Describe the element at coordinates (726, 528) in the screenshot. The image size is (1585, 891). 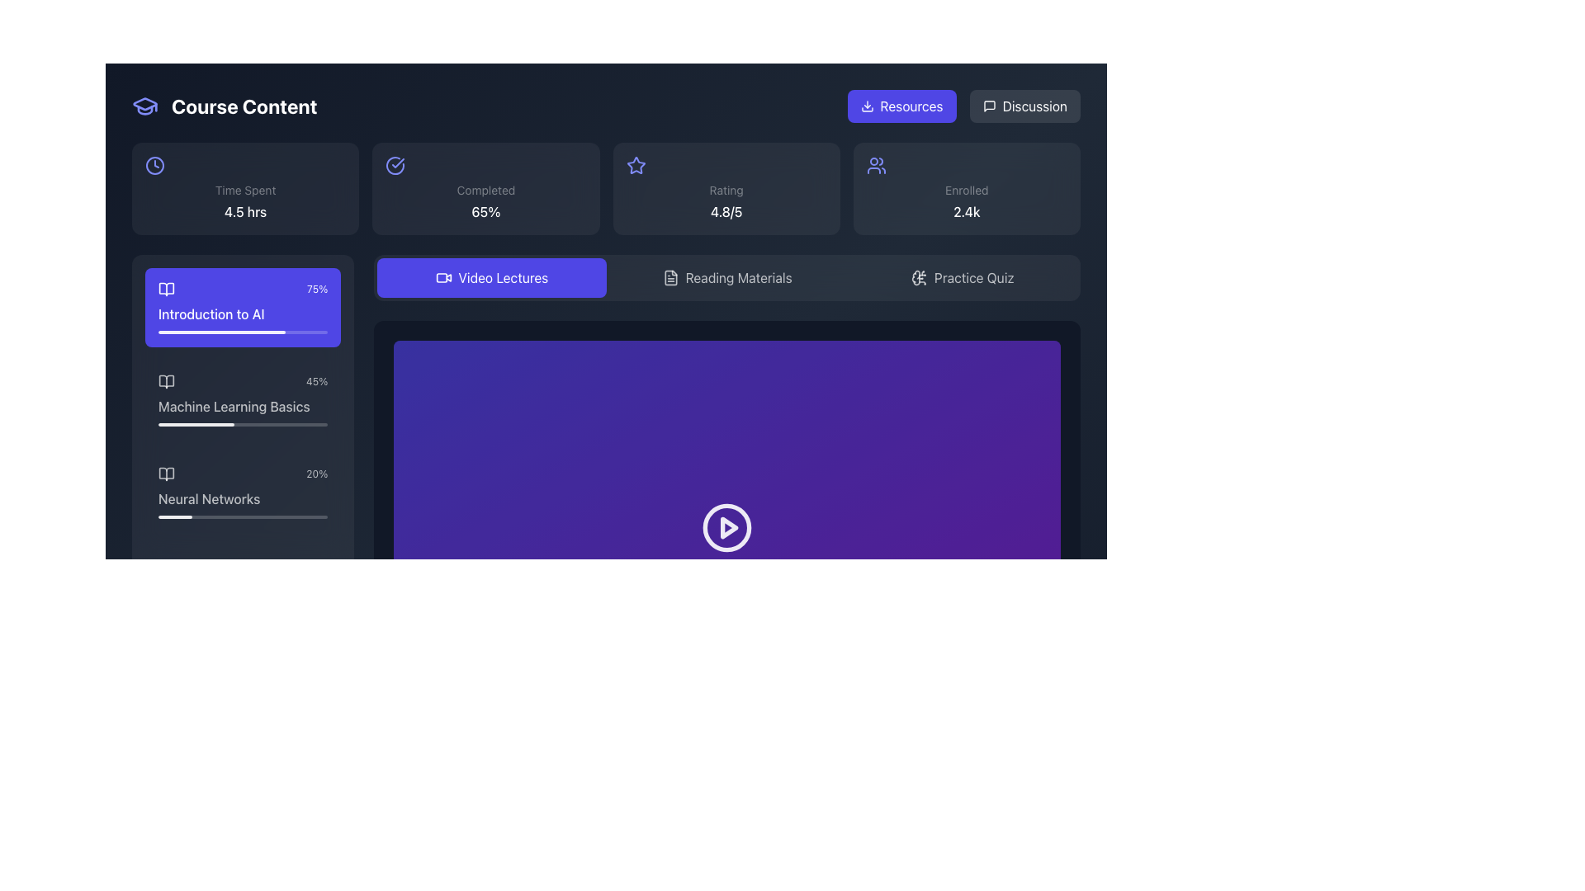
I see `the play button in the Video Preview Section to initiate video playback` at that location.